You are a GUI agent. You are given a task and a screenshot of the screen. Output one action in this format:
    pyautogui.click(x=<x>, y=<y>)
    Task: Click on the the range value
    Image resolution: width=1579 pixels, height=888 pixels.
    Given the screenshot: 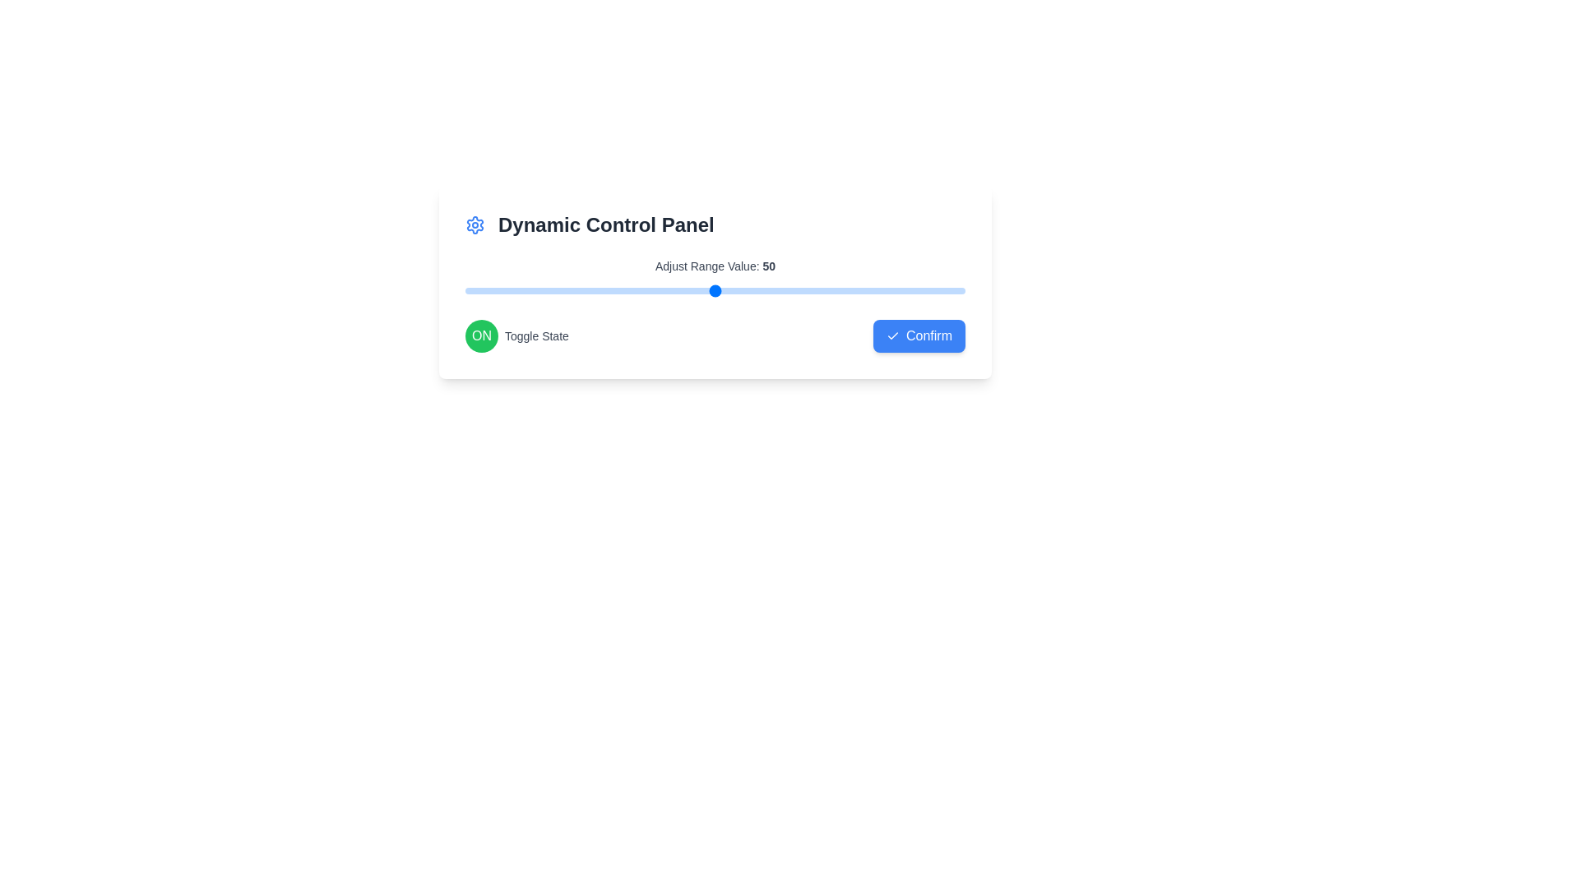 What is the action you would take?
    pyautogui.click(x=575, y=290)
    